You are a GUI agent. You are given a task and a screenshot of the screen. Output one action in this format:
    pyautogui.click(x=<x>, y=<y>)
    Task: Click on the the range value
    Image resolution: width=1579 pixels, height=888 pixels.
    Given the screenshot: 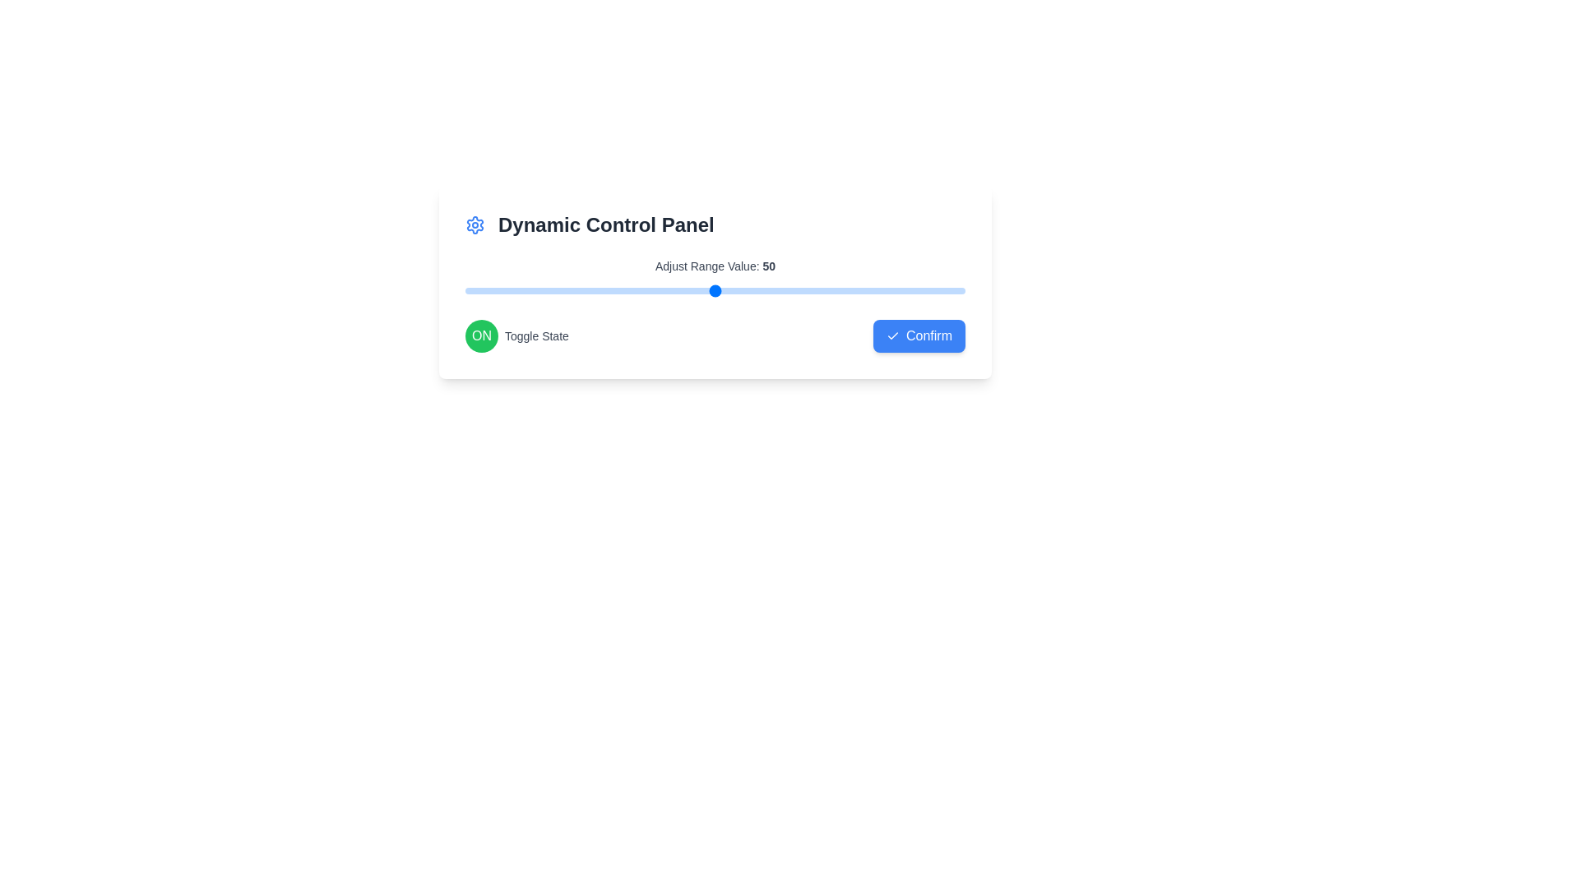 What is the action you would take?
    pyautogui.click(x=575, y=290)
    